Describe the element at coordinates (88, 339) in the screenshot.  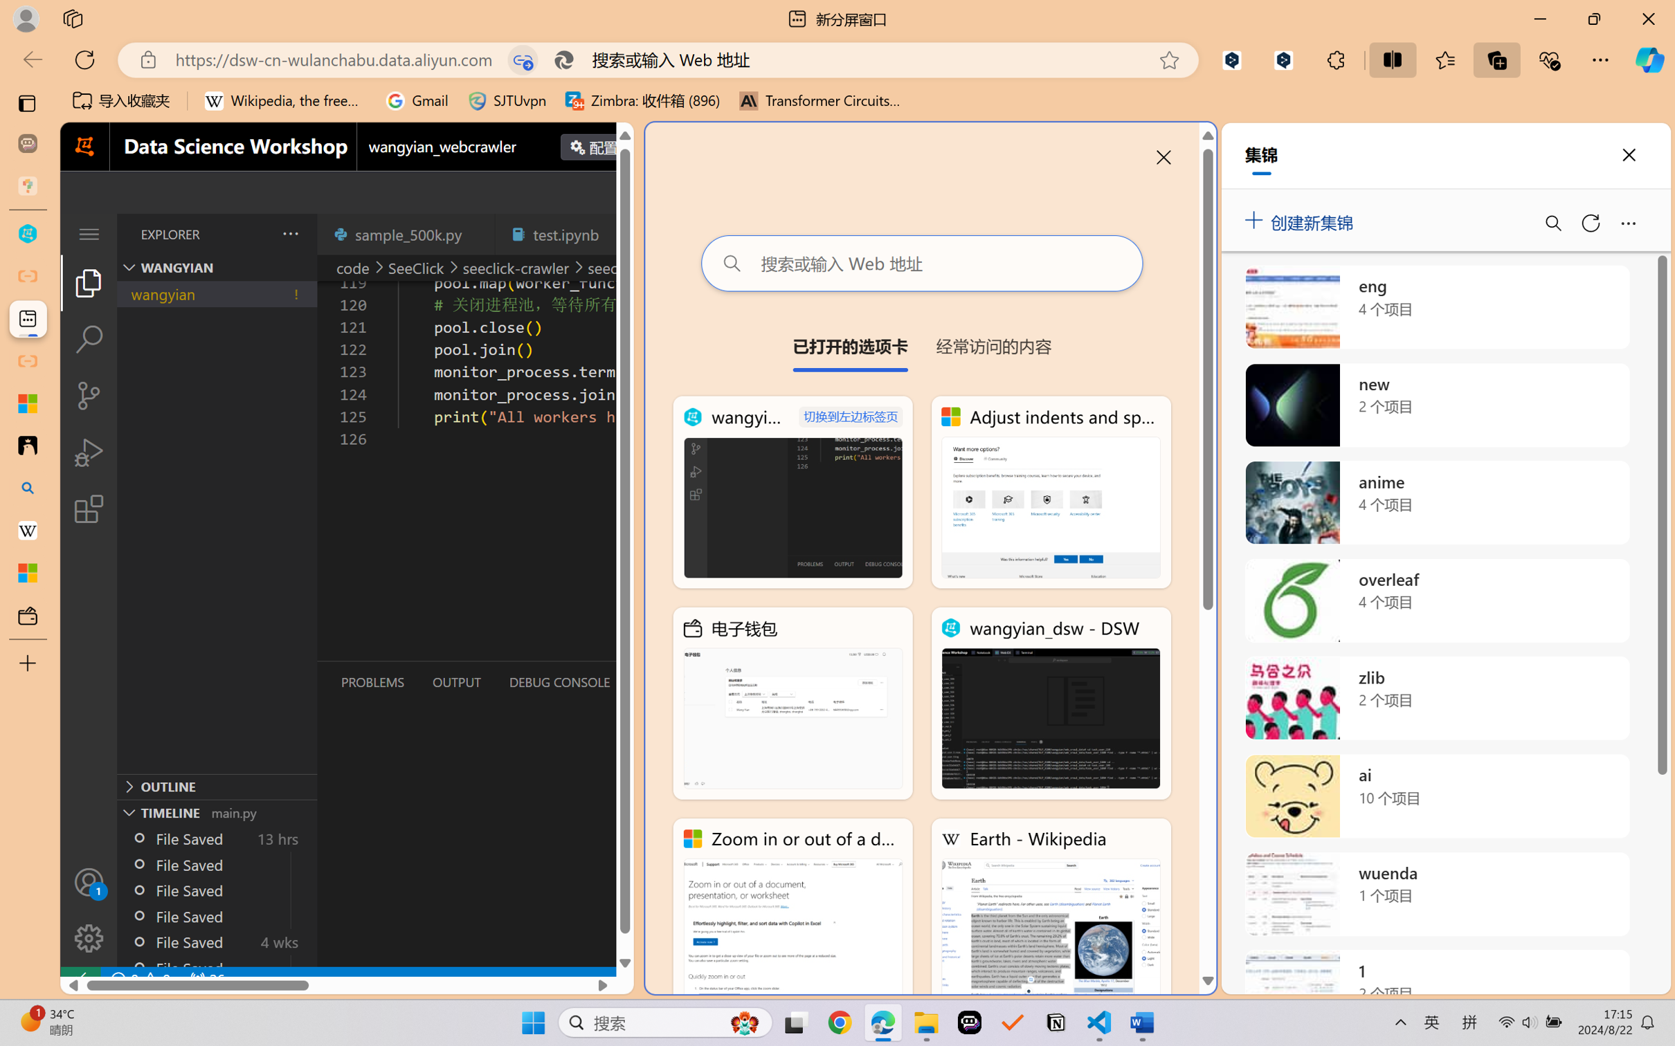
I see `'Search (Ctrl+Shift+F)'` at that location.